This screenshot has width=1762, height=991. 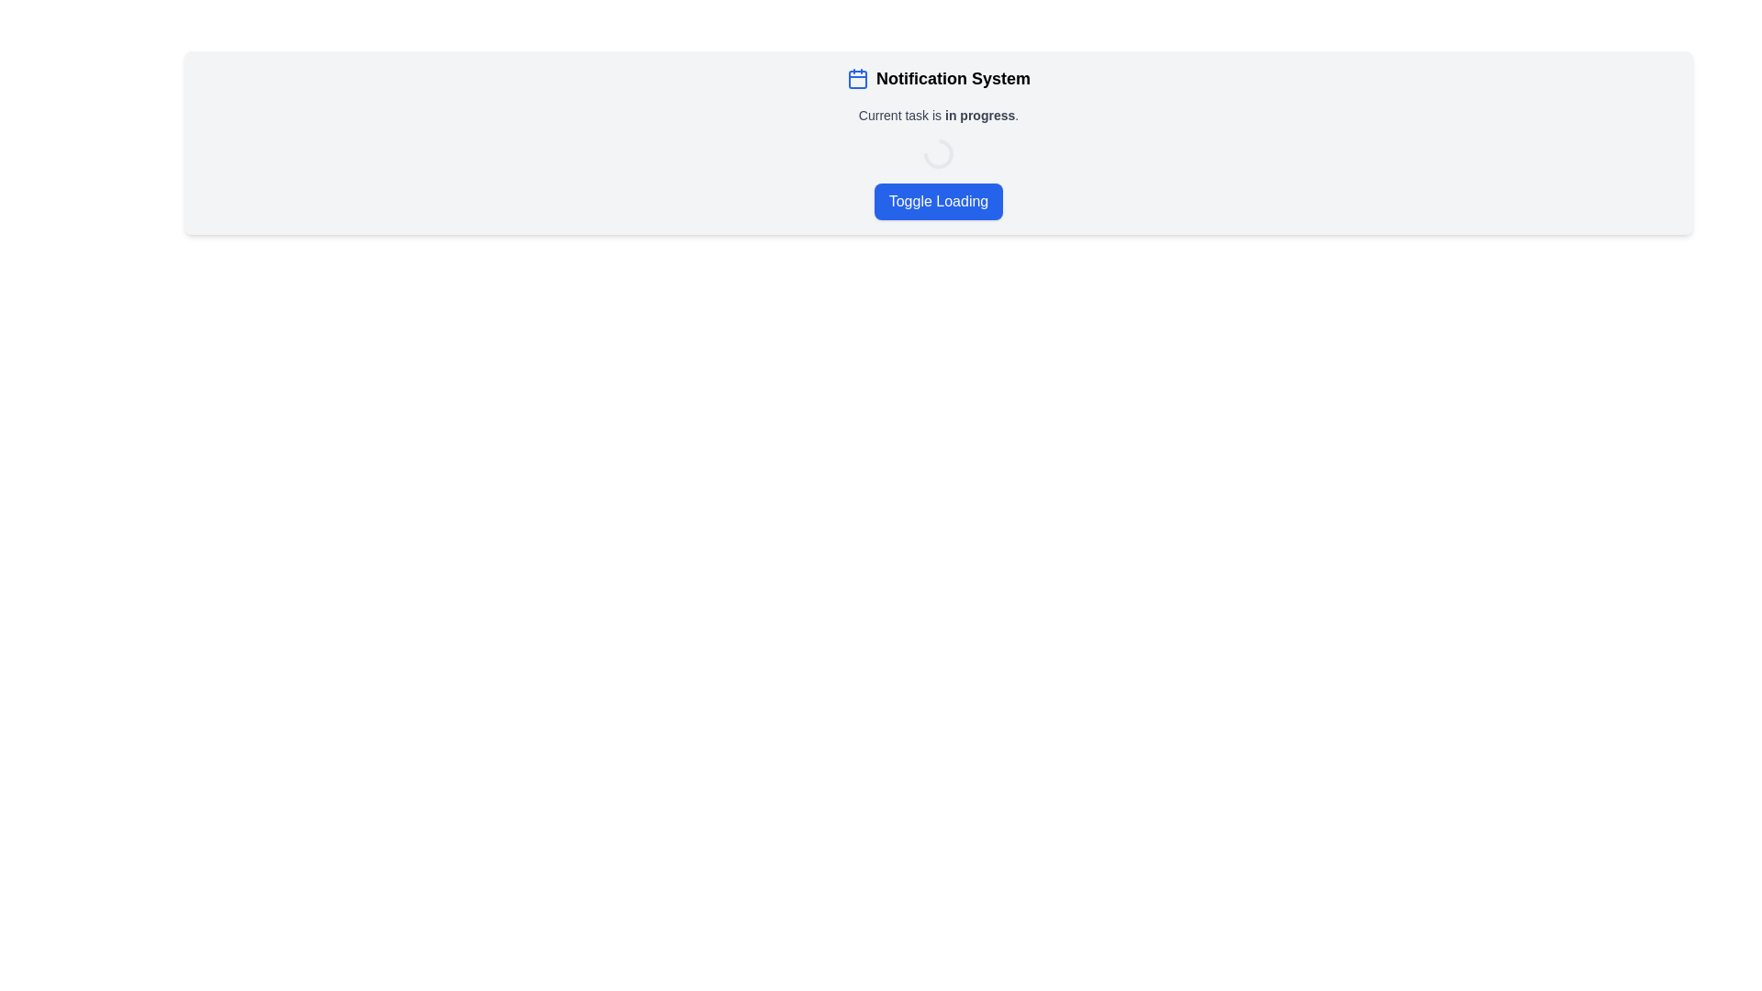 What do you see at coordinates (938, 77) in the screenshot?
I see `the static text and icon combination located at the top-center of the card-like component, which serves as a title or heading` at bounding box center [938, 77].